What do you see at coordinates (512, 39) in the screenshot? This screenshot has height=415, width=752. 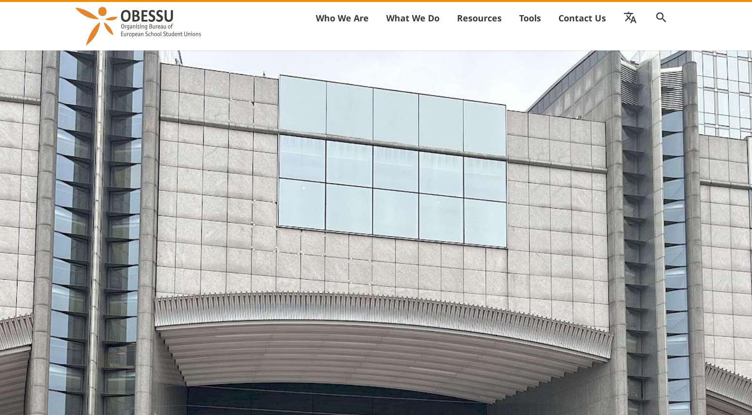 I see `'.org'` at bounding box center [512, 39].